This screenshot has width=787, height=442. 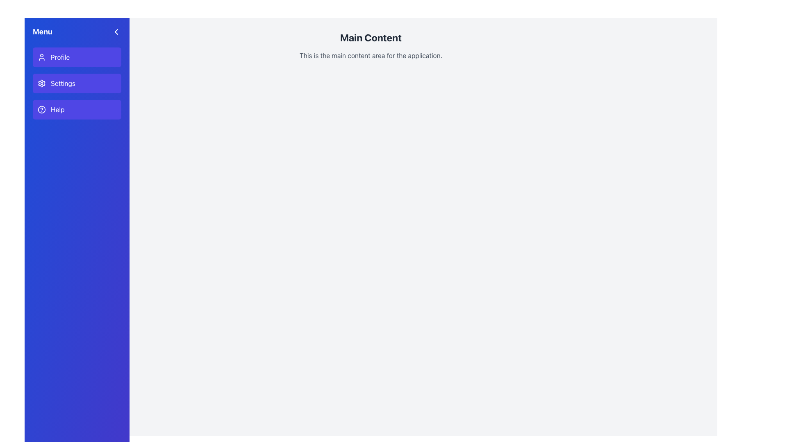 What do you see at coordinates (41, 109) in the screenshot?
I see `the circular help icon with a white question mark symbol, located within the 'Help' button in the navigation menu on the left sidebar` at bounding box center [41, 109].